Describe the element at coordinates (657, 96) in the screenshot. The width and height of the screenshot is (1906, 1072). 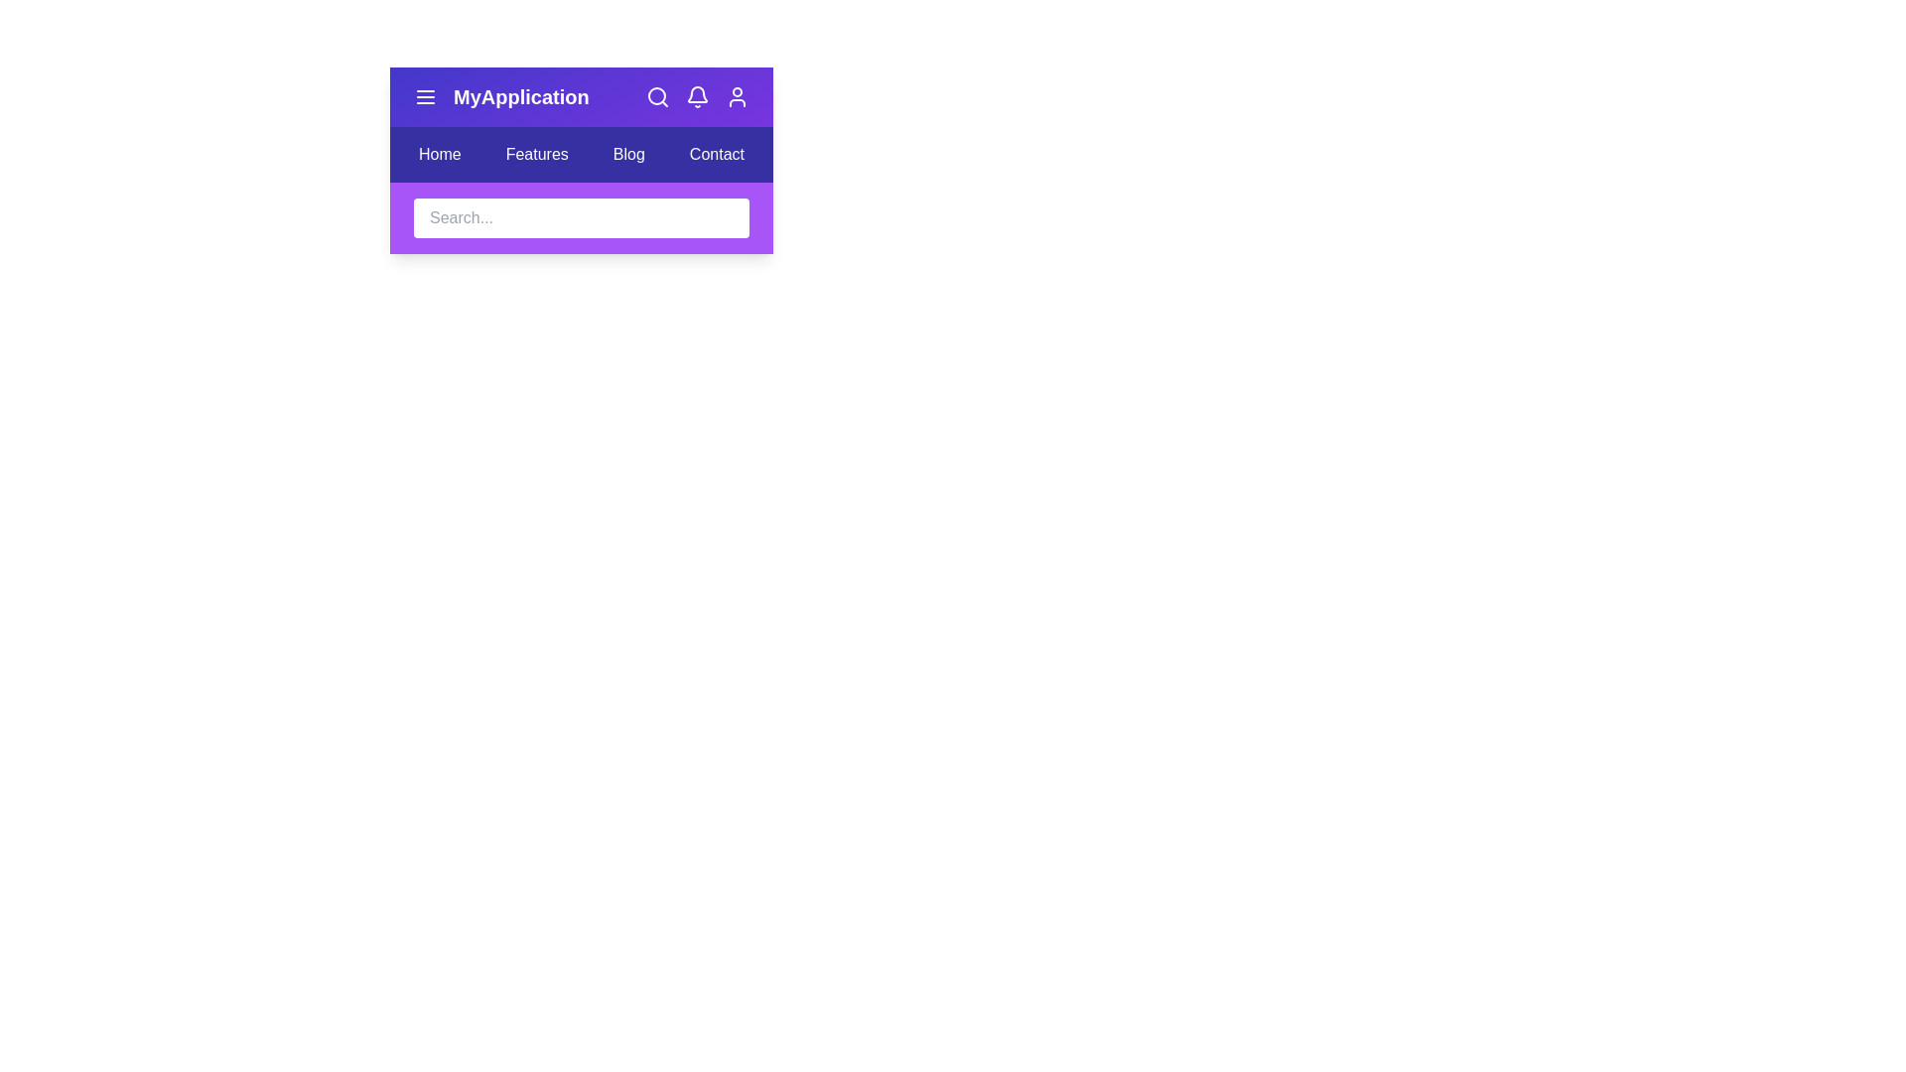
I see `the search icon button to toggle the search bar visibility` at that location.